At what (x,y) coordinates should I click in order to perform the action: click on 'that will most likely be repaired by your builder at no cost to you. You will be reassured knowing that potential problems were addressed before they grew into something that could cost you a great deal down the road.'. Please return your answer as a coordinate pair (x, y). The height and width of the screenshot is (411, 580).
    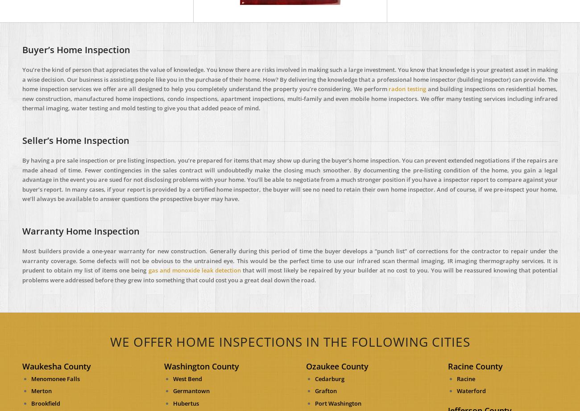
    Looking at the image, I should click on (22, 274).